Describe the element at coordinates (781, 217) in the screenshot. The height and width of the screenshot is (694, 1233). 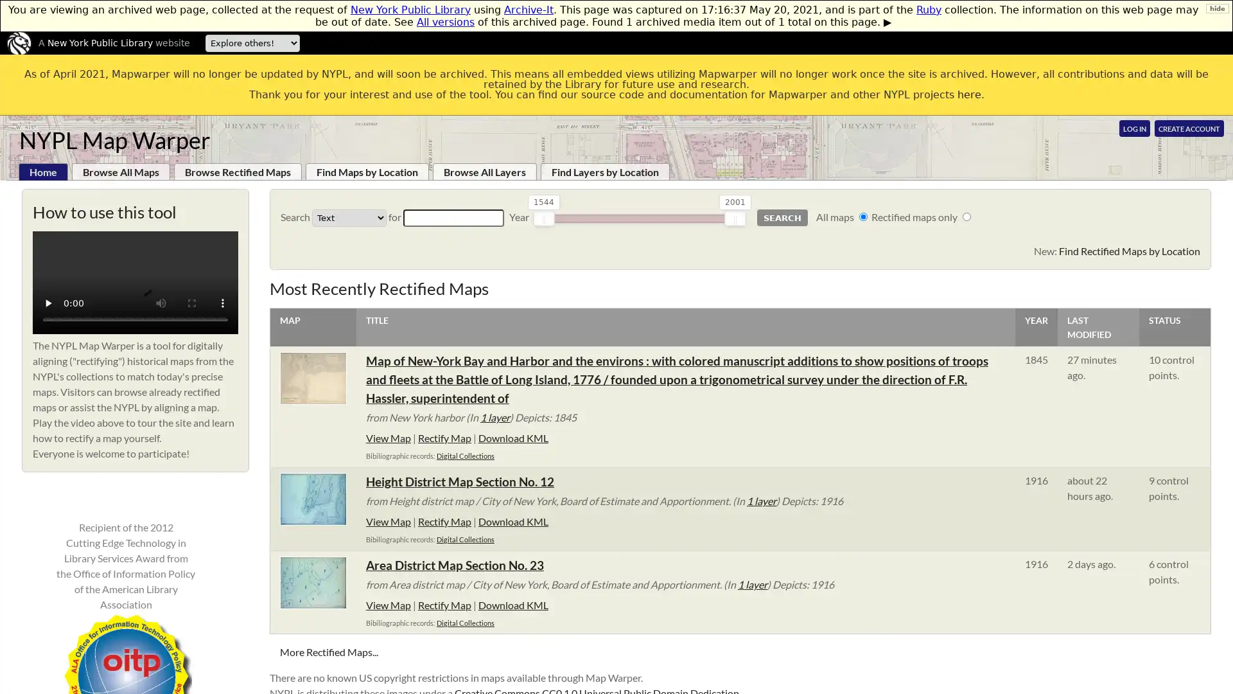
I see `Search` at that location.